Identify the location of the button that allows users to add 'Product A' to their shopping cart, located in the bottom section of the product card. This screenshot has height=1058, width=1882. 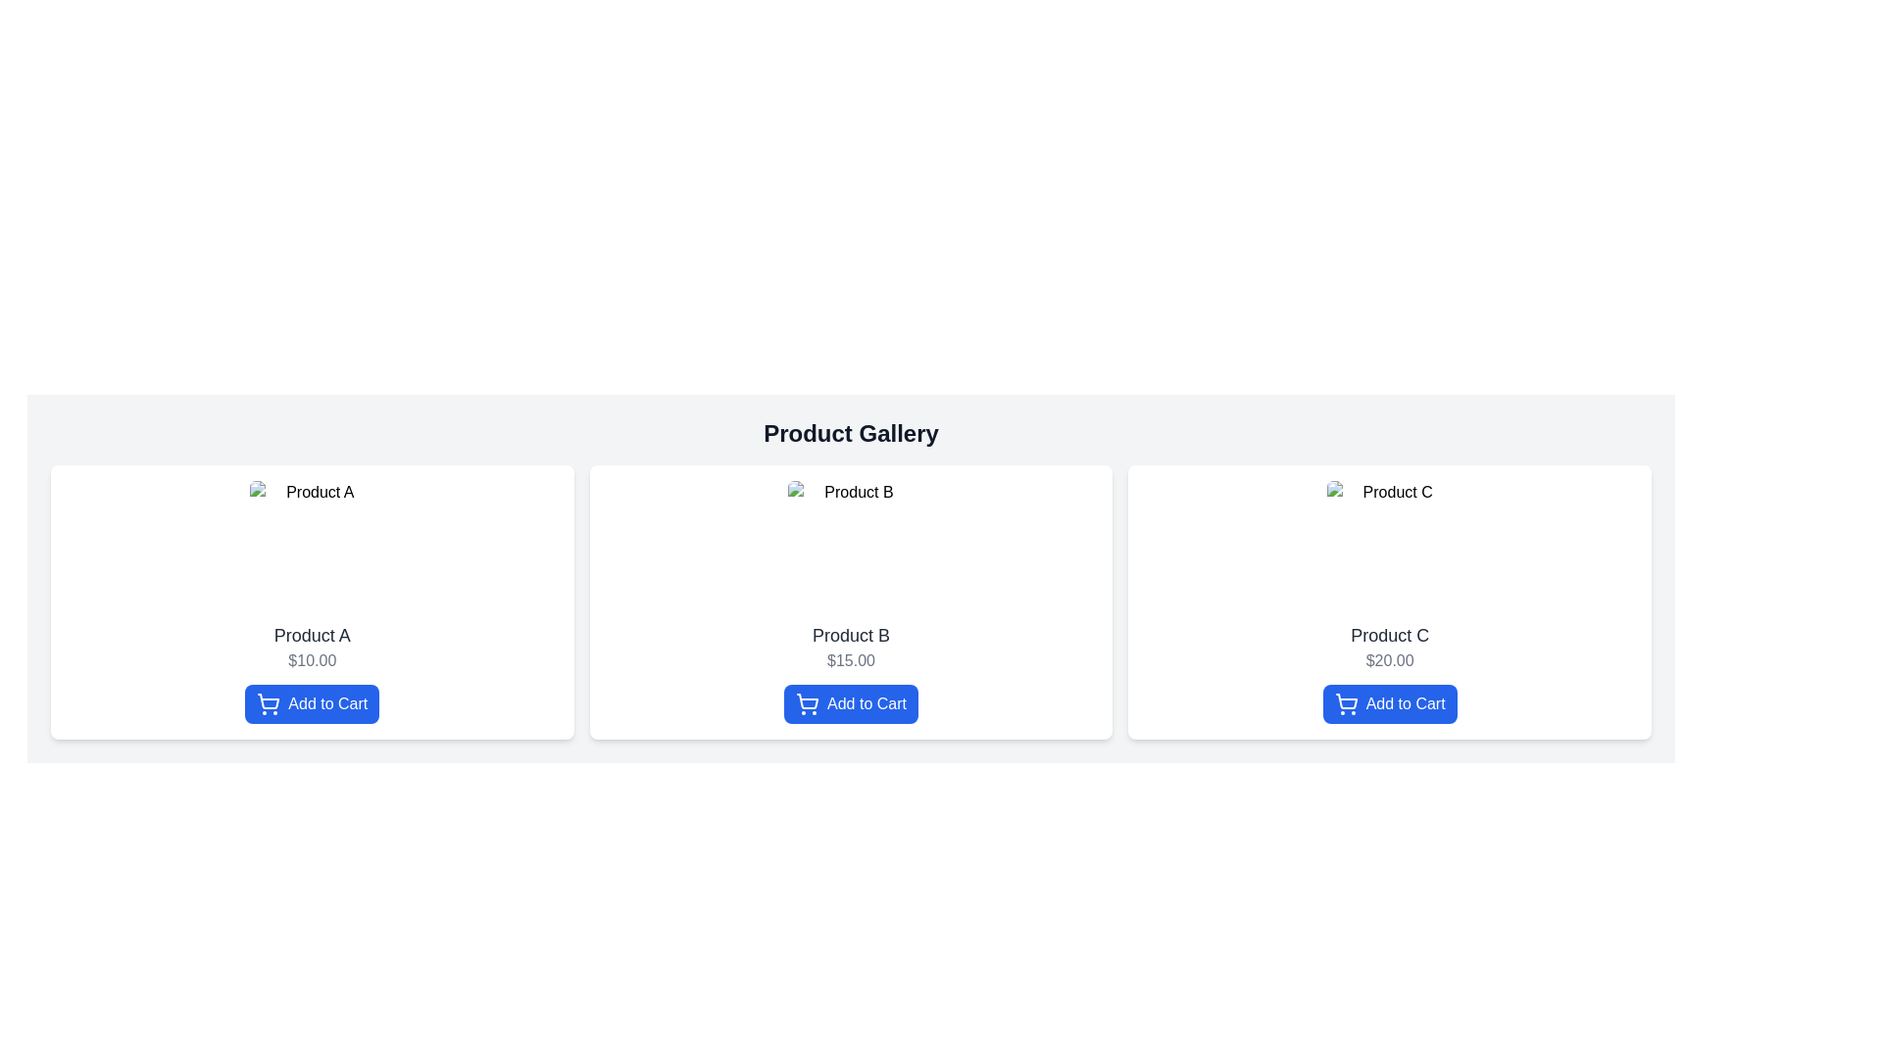
(311, 702).